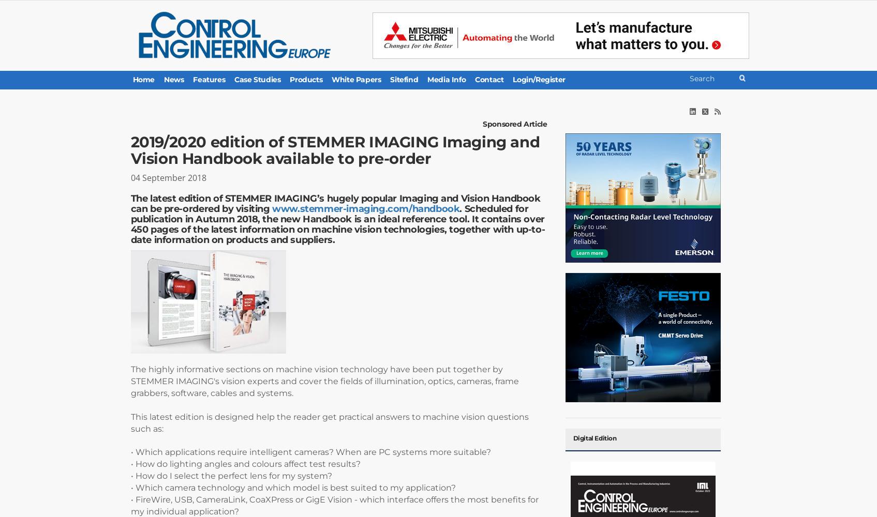 The image size is (877, 517). I want to click on 'Case Studies', so click(257, 80).